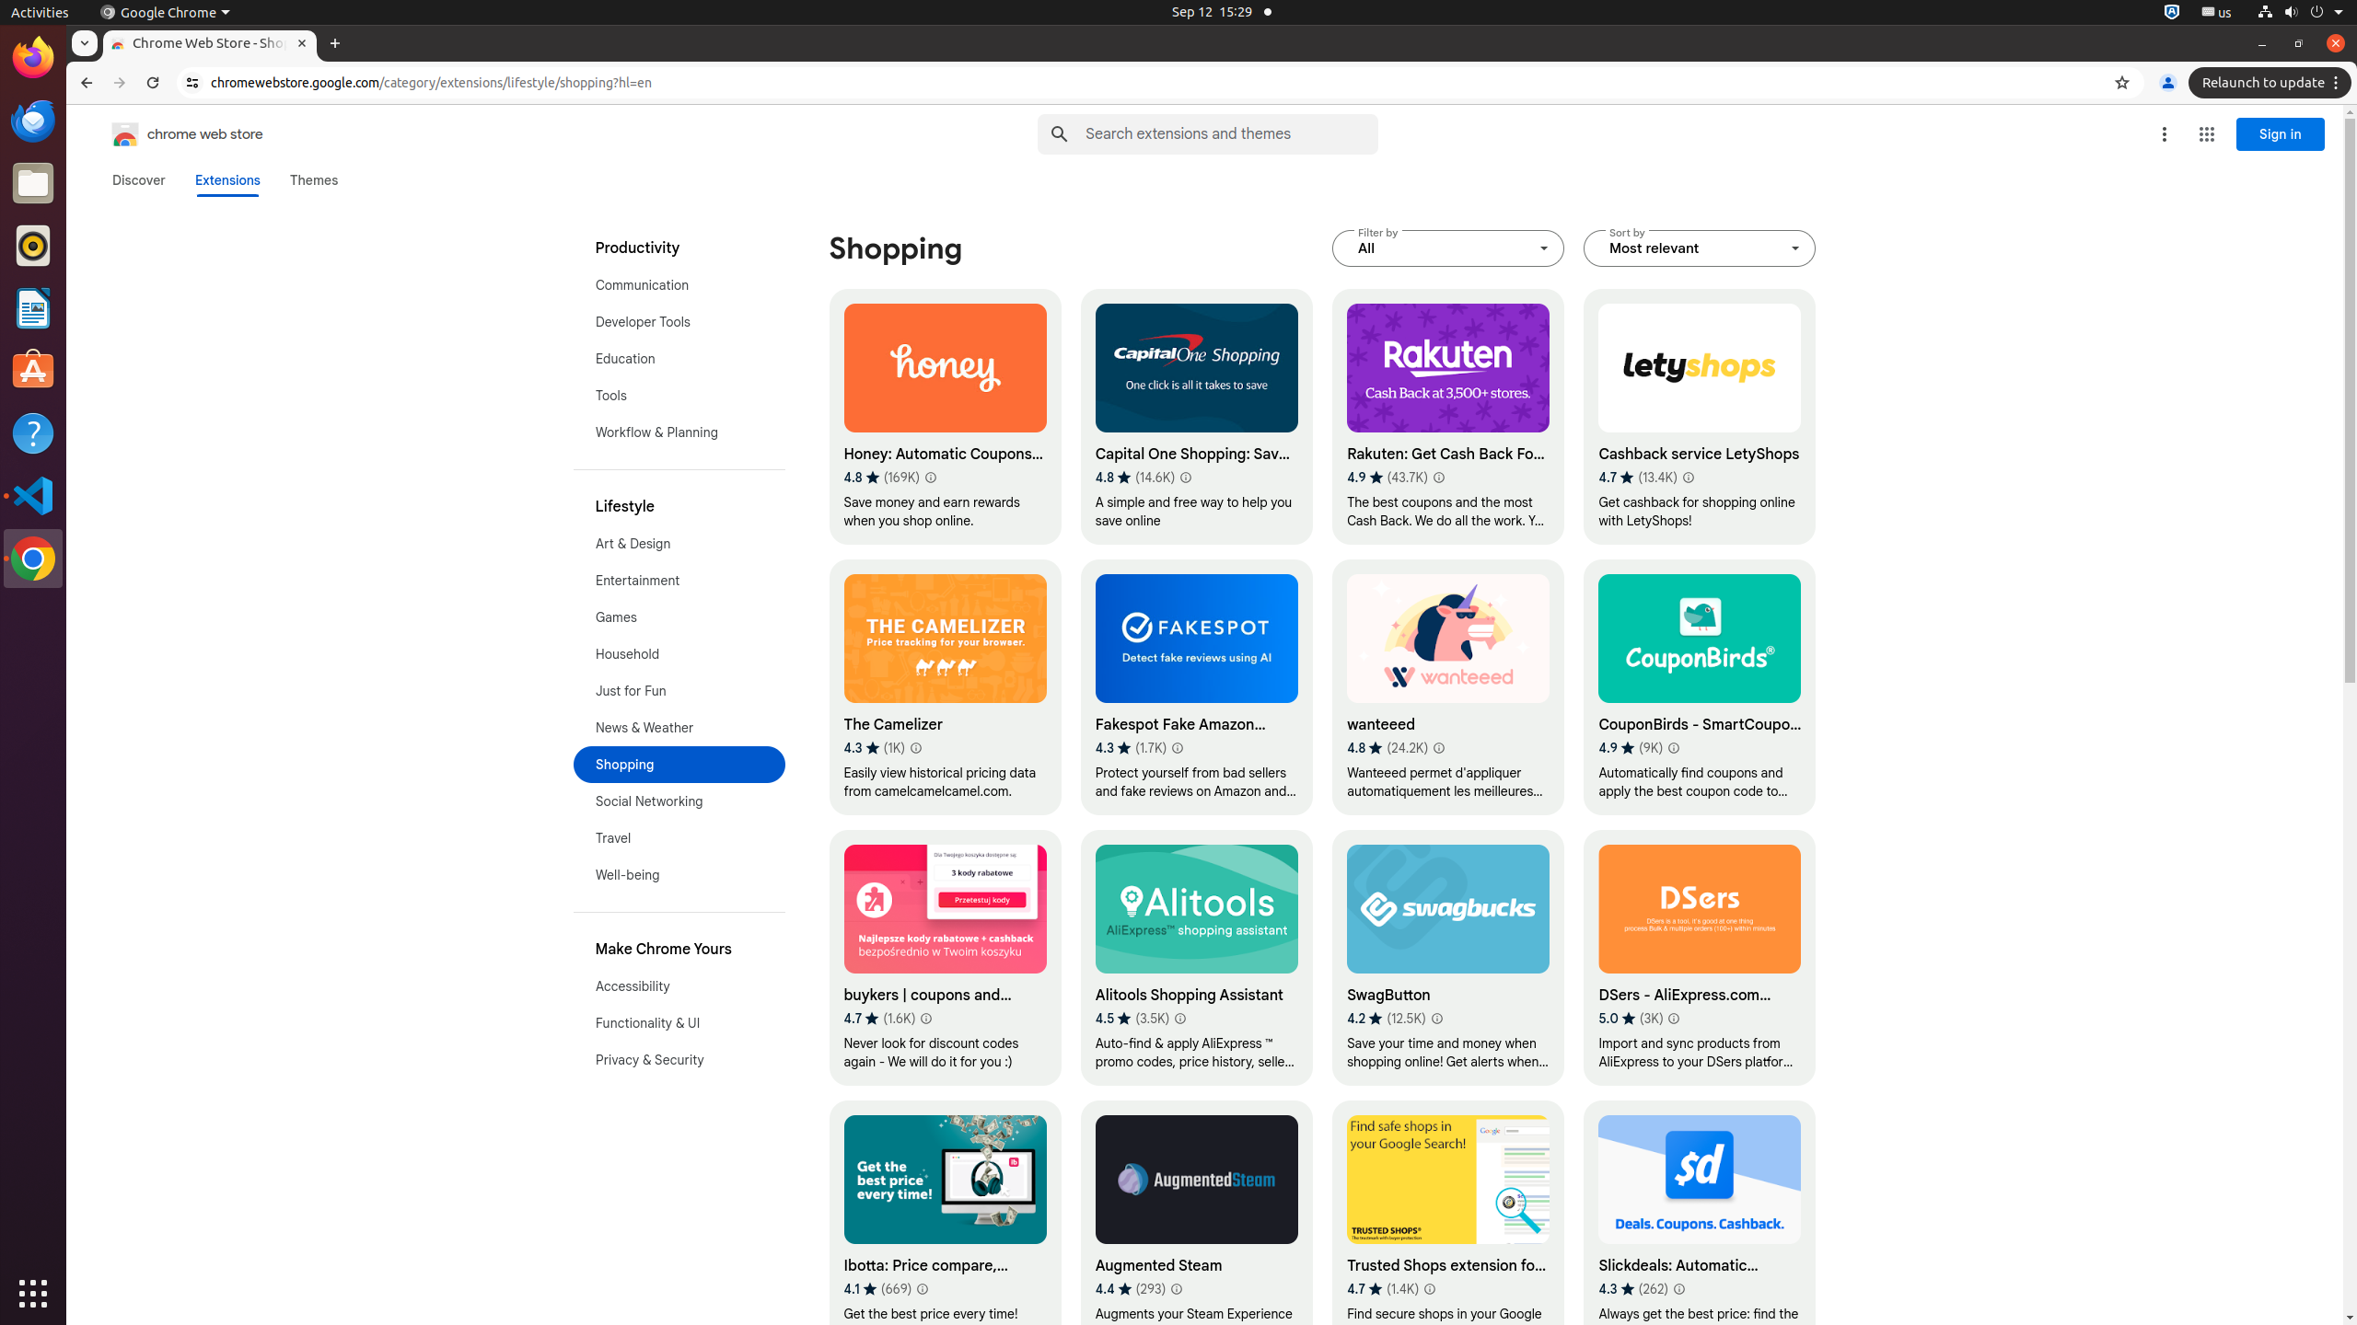 Image resolution: width=2357 pixels, height=1325 pixels. What do you see at coordinates (33, 306) in the screenshot?
I see `'LibreOffice Writer'` at bounding box center [33, 306].